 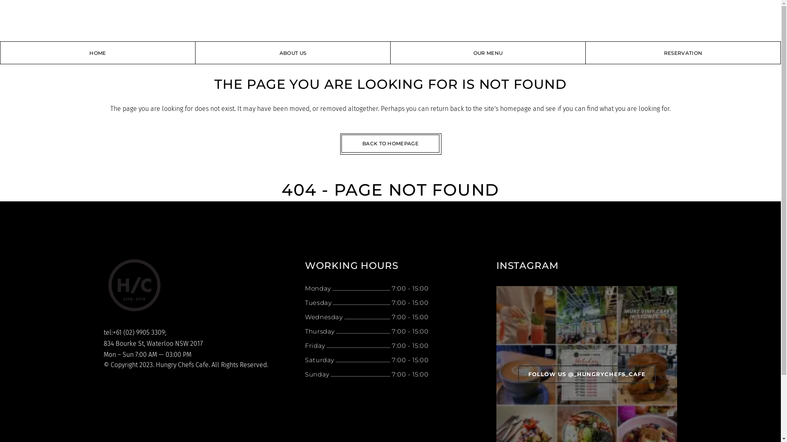 What do you see at coordinates (488, 54) in the screenshot?
I see `'OUR MENU'` at bounding box center [488, 54].